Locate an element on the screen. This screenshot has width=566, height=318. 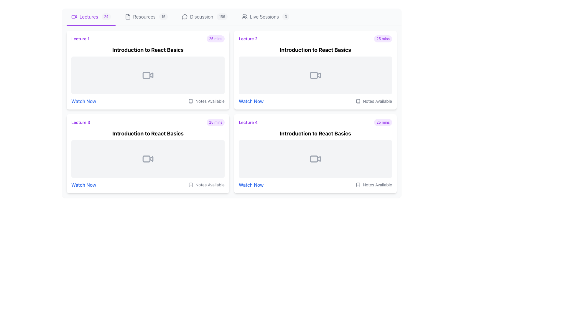
text content of the Text Label that serves as the title for the lecture in the top-left card of the grid, positioned beneath 'Lecture 1' is located at coordinates (148, 49).